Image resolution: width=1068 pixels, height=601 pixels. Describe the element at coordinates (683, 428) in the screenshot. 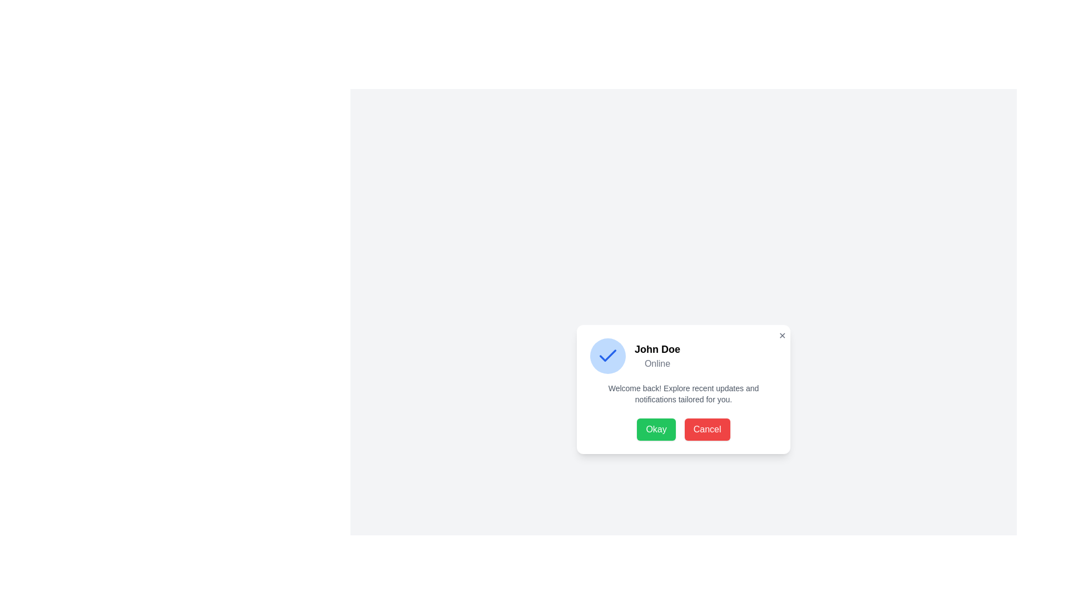

I see `the 'Cancel' button located in the bottom section of the modal dialog` at that location.